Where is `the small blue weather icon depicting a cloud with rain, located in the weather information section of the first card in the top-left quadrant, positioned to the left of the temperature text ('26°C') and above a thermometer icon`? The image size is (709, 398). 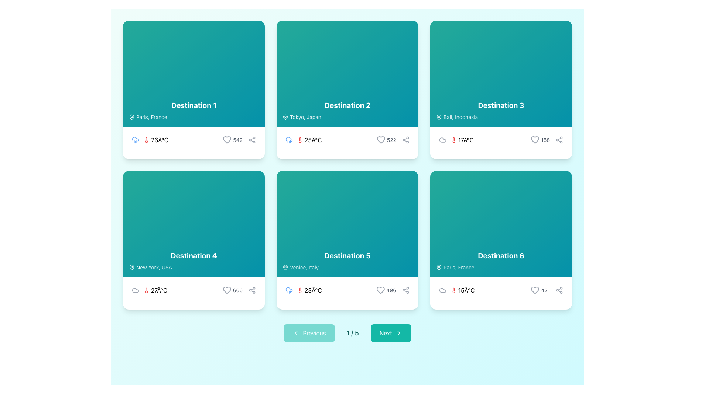 the small blue weather icon depicting a cloud with rain, located in the weather information section of the first card in the top-left quadrant, positioned to the left of the temperature text ('26°C') and above a thermometer icon is located at coordinates (135, 140).